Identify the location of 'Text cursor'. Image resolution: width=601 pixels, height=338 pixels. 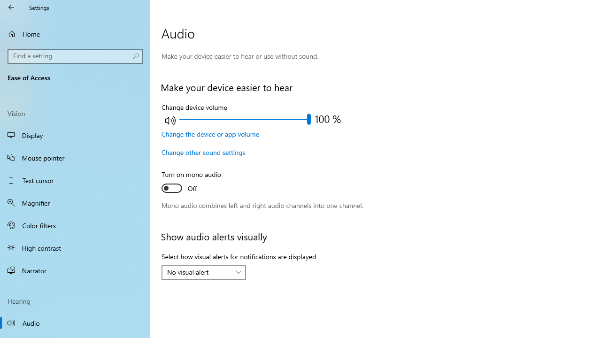
(75, 180).